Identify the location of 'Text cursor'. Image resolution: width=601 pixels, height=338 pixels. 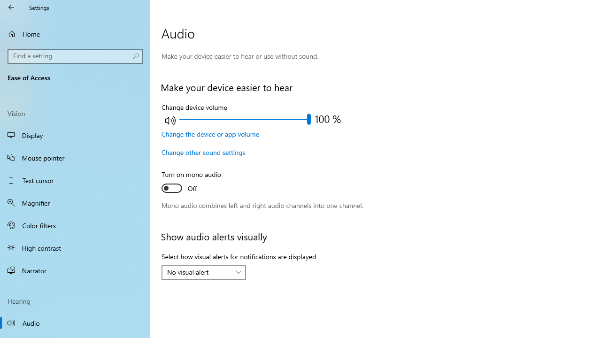
(75, 180).